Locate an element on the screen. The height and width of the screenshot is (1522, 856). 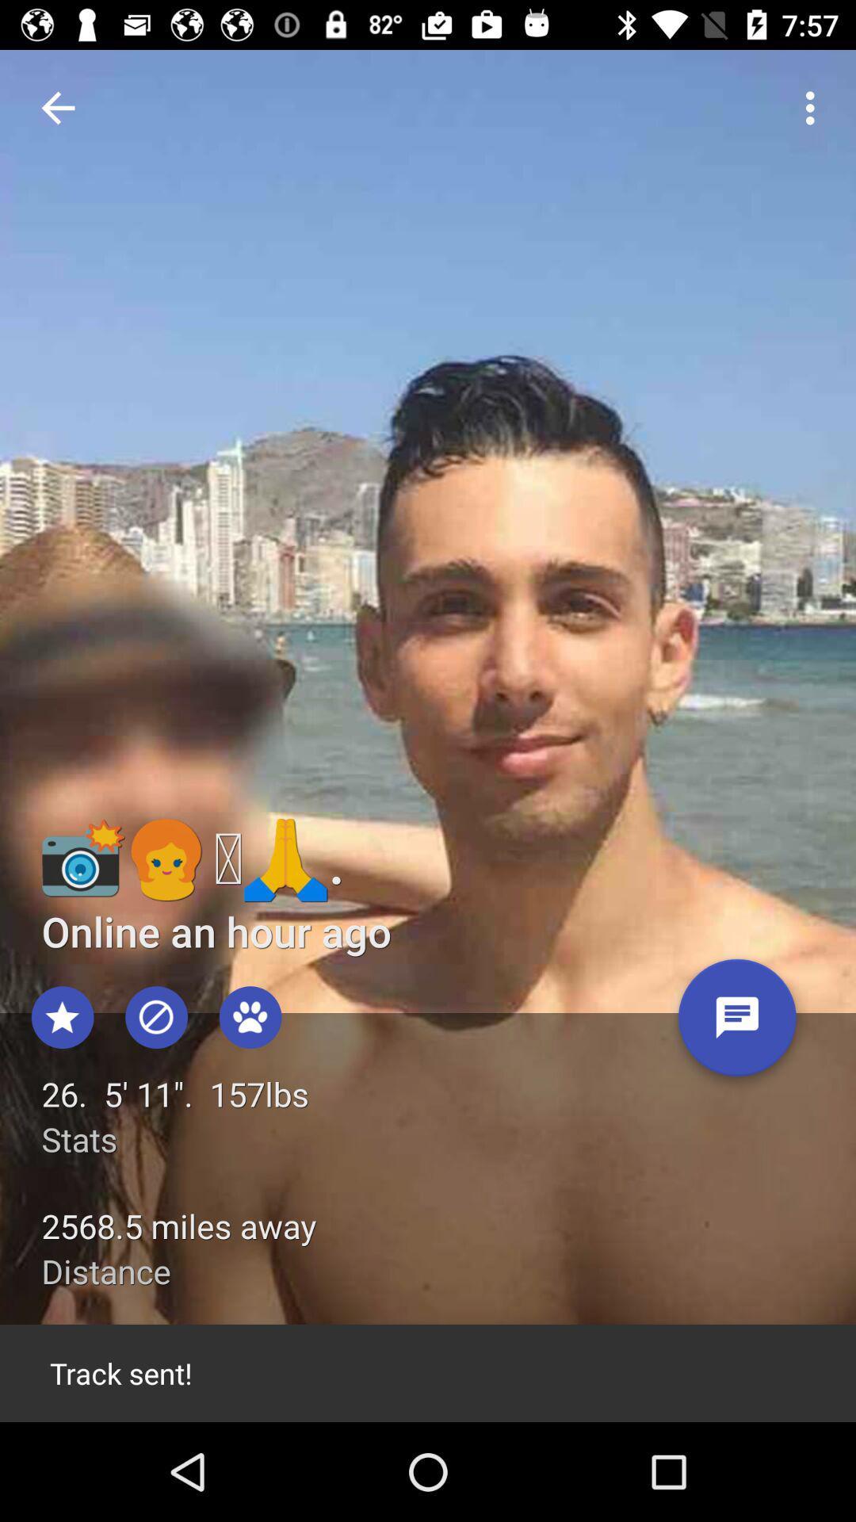
message is located at coordinates (737, 1023).